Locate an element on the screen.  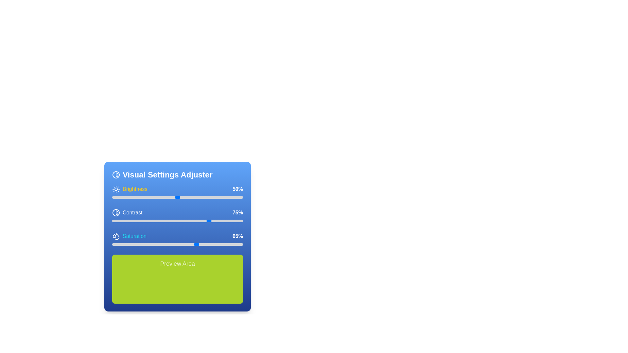
the static text label displaying the current percentage value (65%) of the 'Saturation' setting, located at the right end of the horizontal layout in the 'Visual Settings Adjuster' interface is located at coordinates (236, 236).